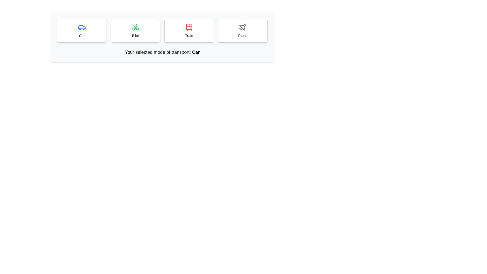 This screenshot has height=274, width=487. What do you see at coordinates (189, 36) in the screenshot?
I see `the 'Train' text label located below the train icon in the third button of the transport mode options grid` at bounding box center [189, 36].